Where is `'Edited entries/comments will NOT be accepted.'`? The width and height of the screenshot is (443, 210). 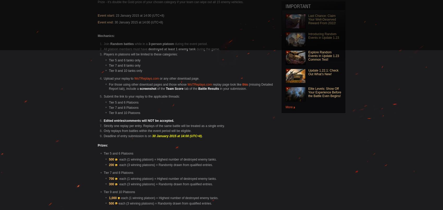 'Edited entries/comments will NOT be accepted.' is located at coordinates (138, 120).